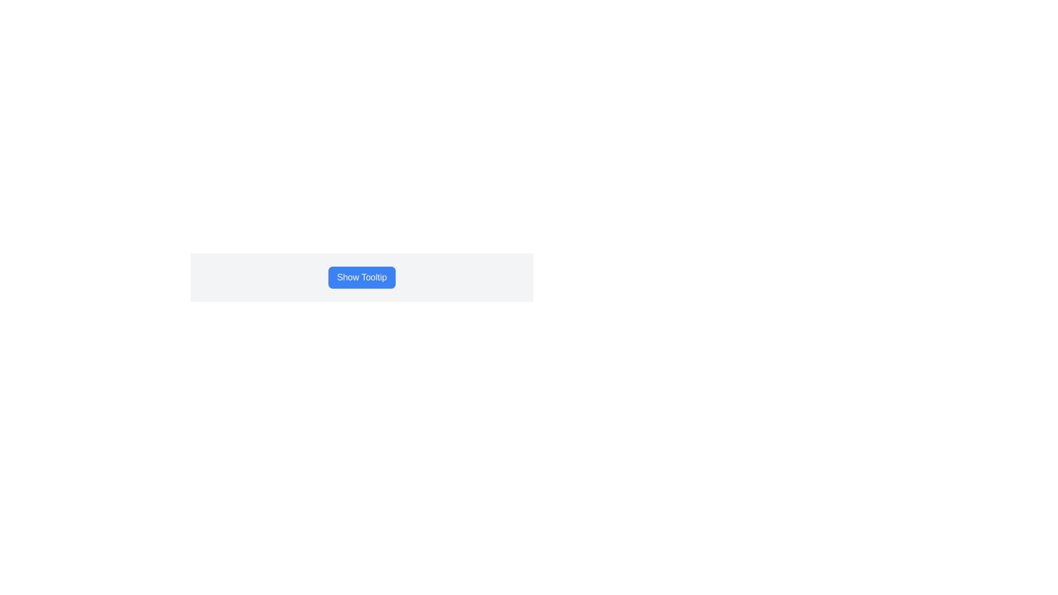 The height and width of the screenshot is (595, 1058). Describe the element at coordinates (362, 277) in the screenshot. I see `the blue button with rounded edges that reads 'Show Tooltip' to invoke an interaction` at that location.